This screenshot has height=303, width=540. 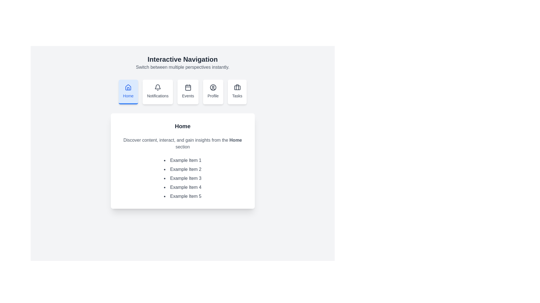 I want to click on the 'Home' button located at the leftmost side of the navigation bar, so click(x=128, y=91).